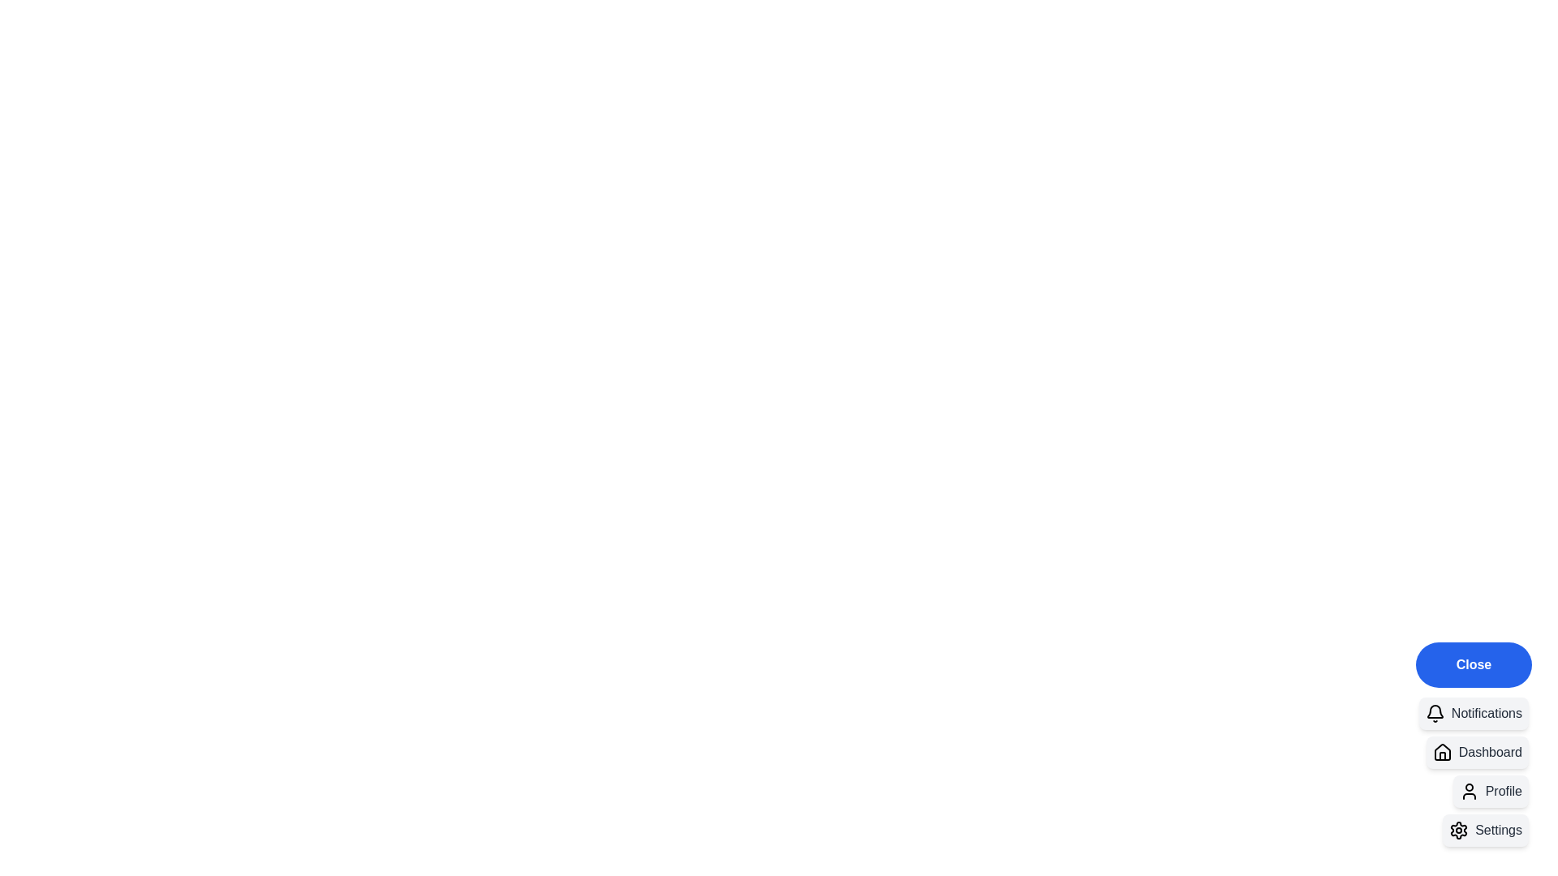  Describe the element at coordinates (1473, 665) in the screenshot. I see `the 'Close' button to toggle the speed dial menu closed` at that location.